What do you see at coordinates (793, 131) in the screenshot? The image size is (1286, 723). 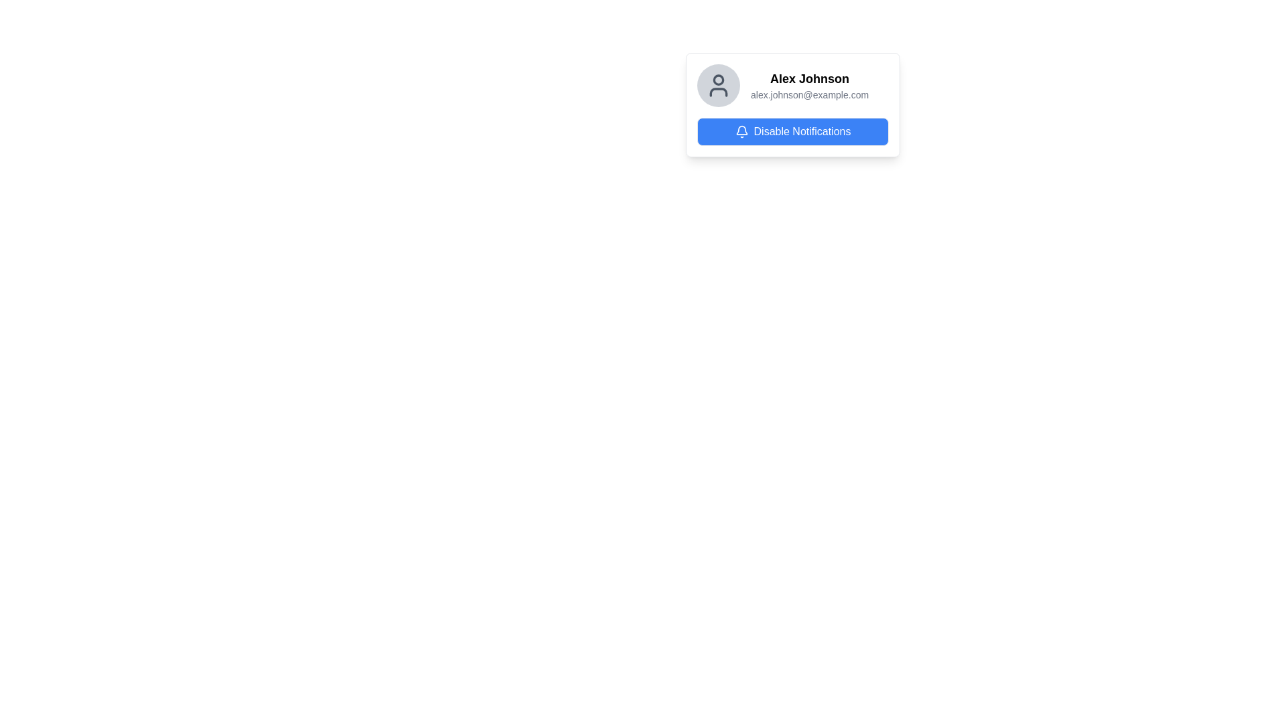 I see `the 'Disable Notifications' button with a bell icon located at the bottom of the user details card for additional information` at bounding box center [793, 131].